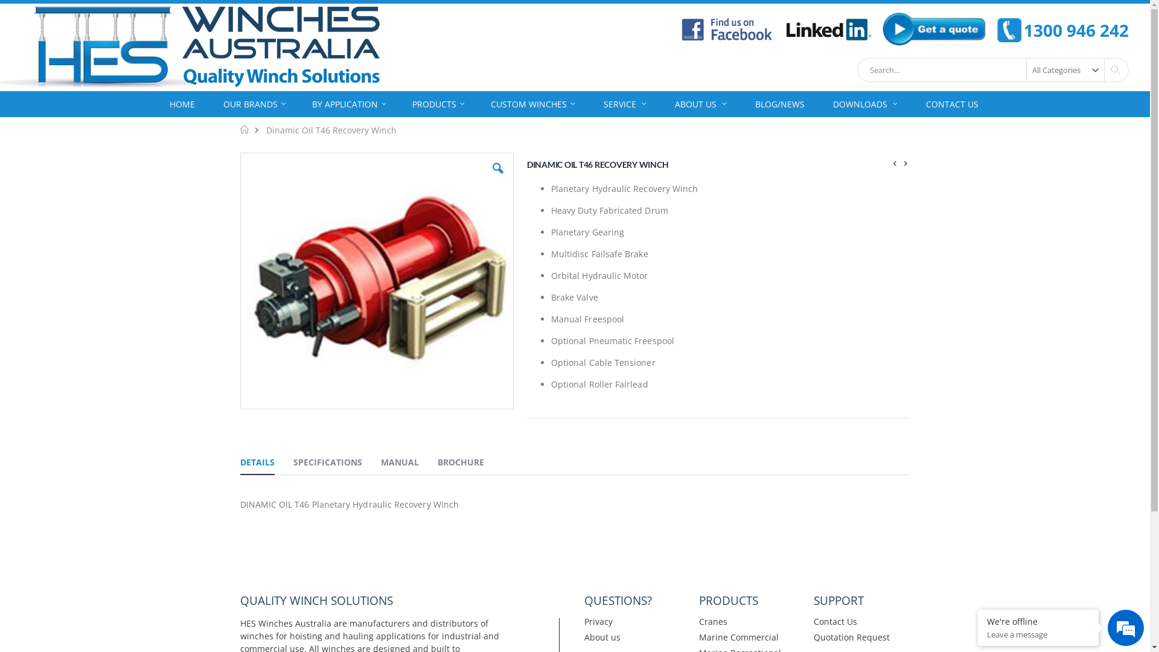  I want to click on 'BLOG/NEWS', so click(779, 103).